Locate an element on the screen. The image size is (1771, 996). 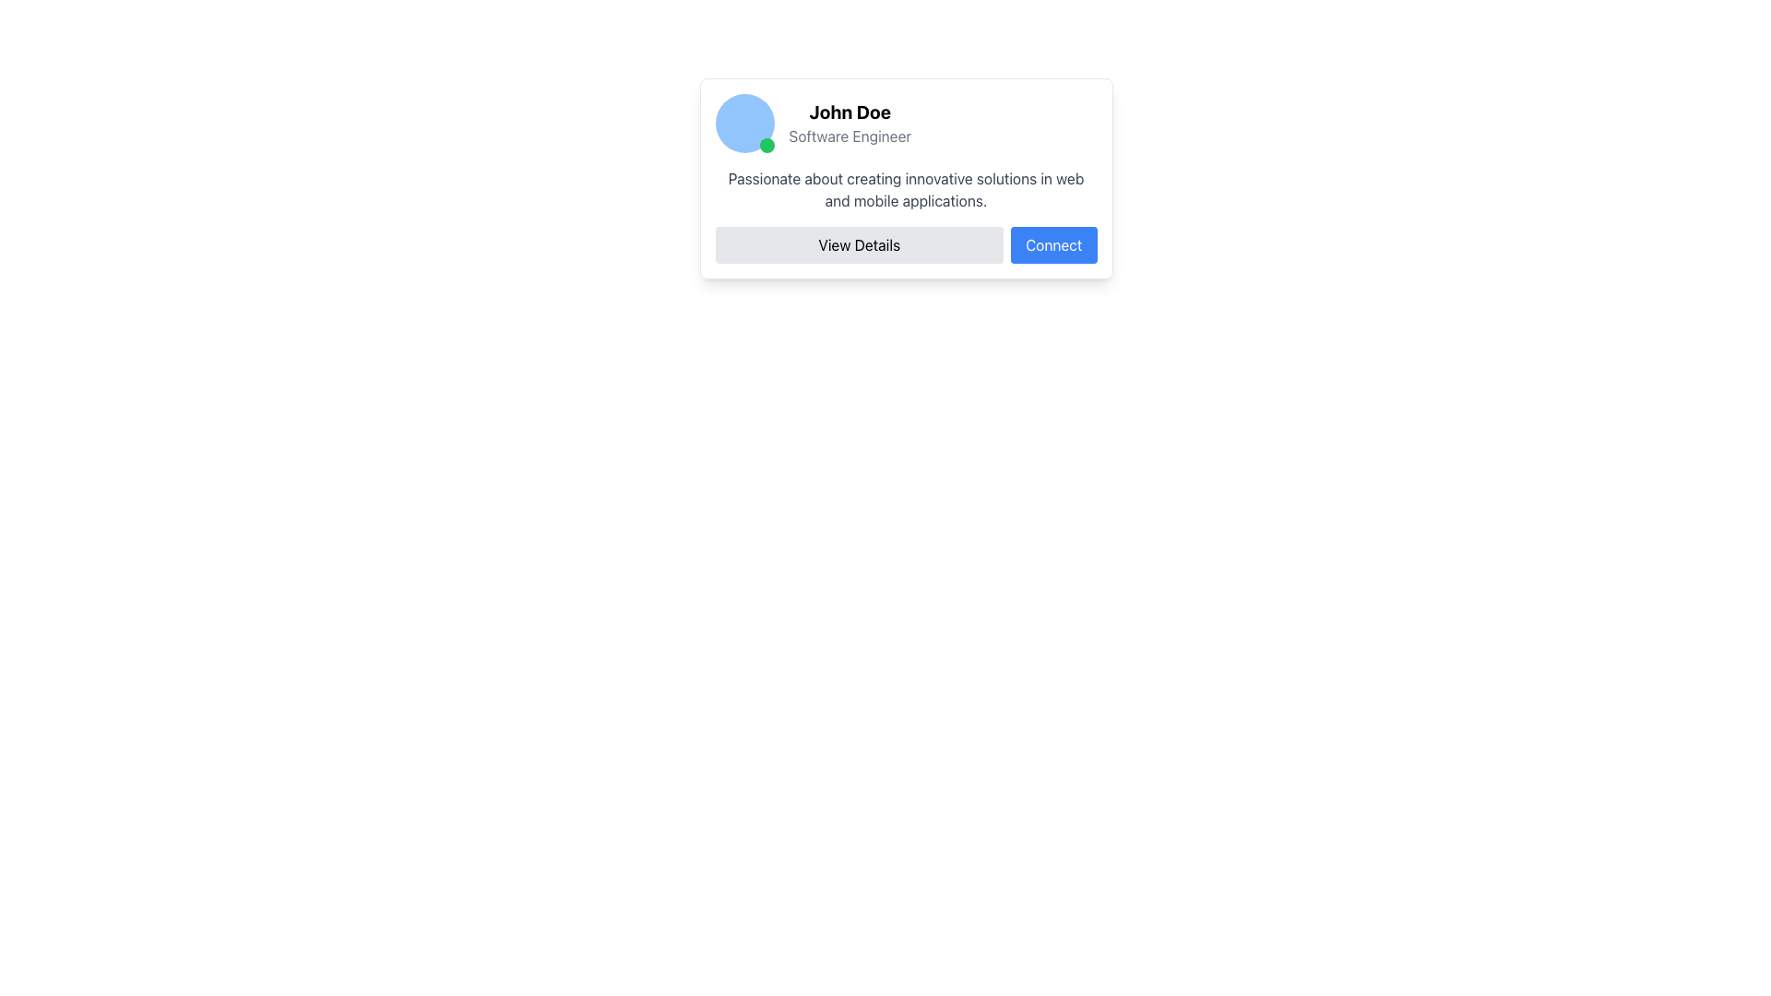
the text label displaying the name and job title of the individual associated with the profile, which is located to the right of the circular avatar image in the upper middle section of the contact card is located at coordinates (849, 124).